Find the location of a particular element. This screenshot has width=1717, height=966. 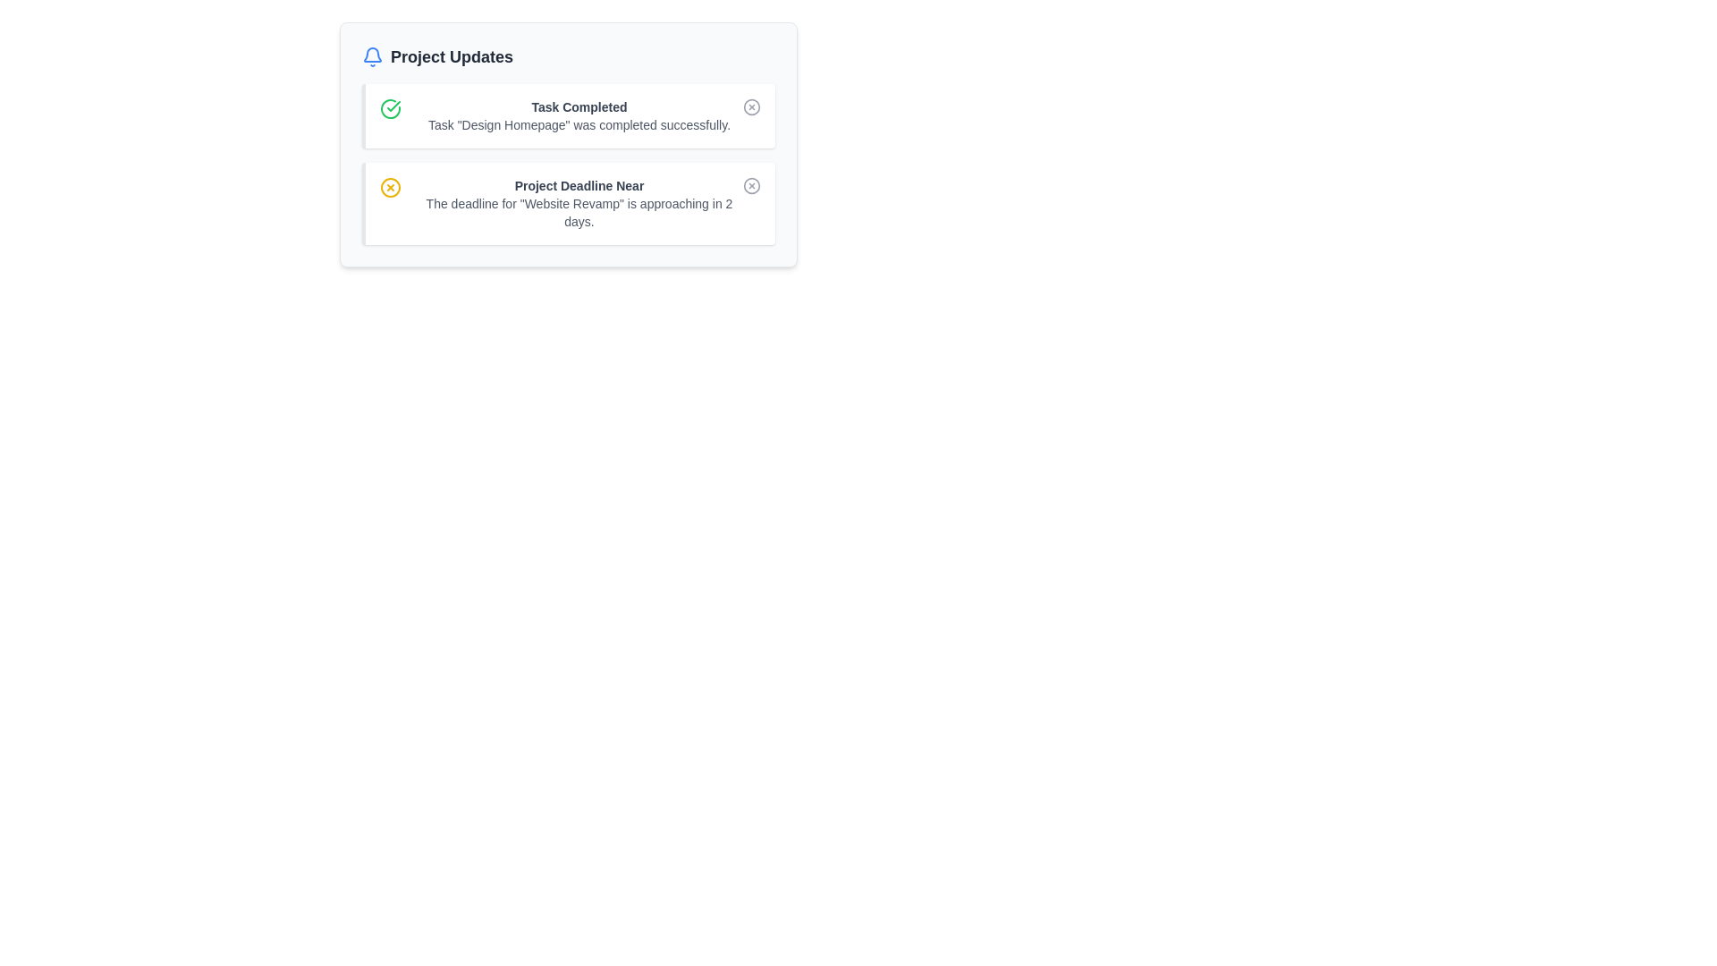

the circular icon located at the far right of the 'Task Completed' notification card is located at coordinates (751, 106).